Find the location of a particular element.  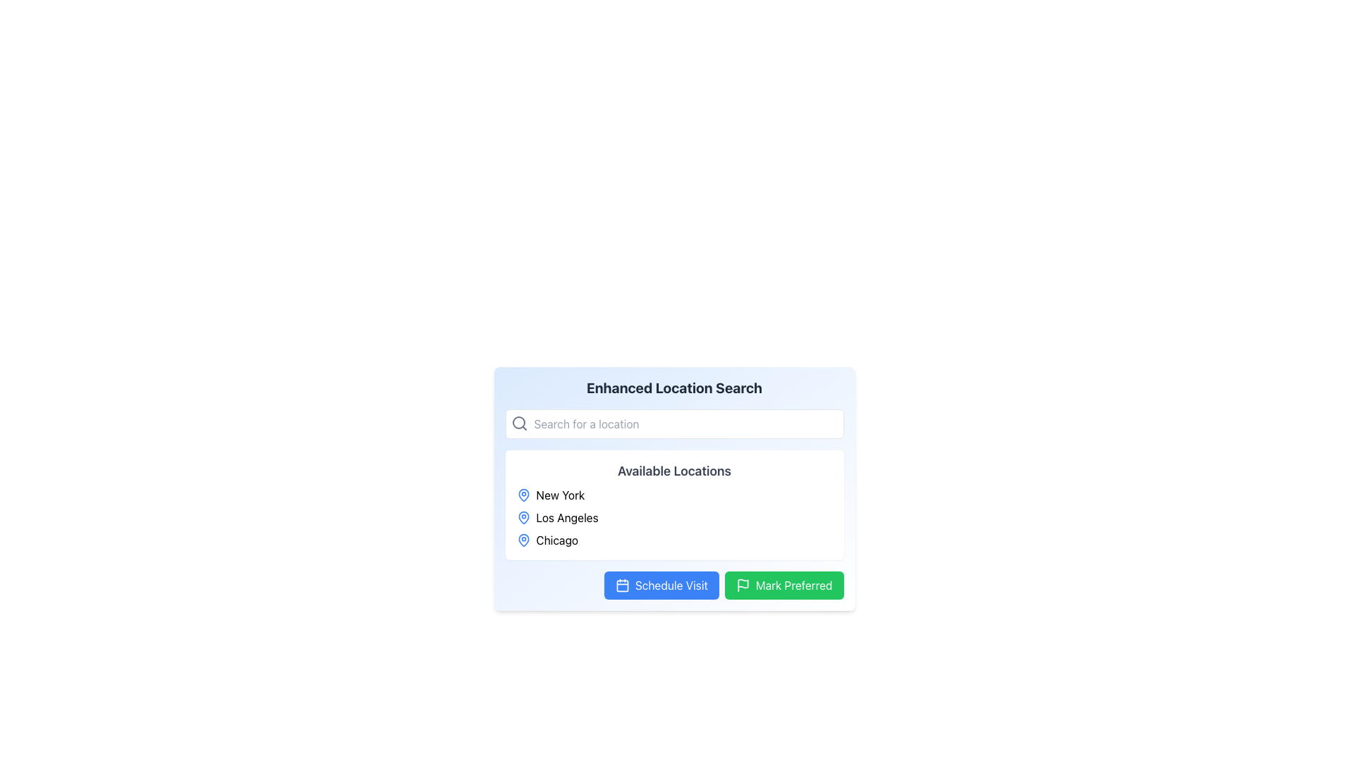

text of the 'Los Angeles' label, which is the second item in the 'Available Locations' list is located at coordinates (567, 518).